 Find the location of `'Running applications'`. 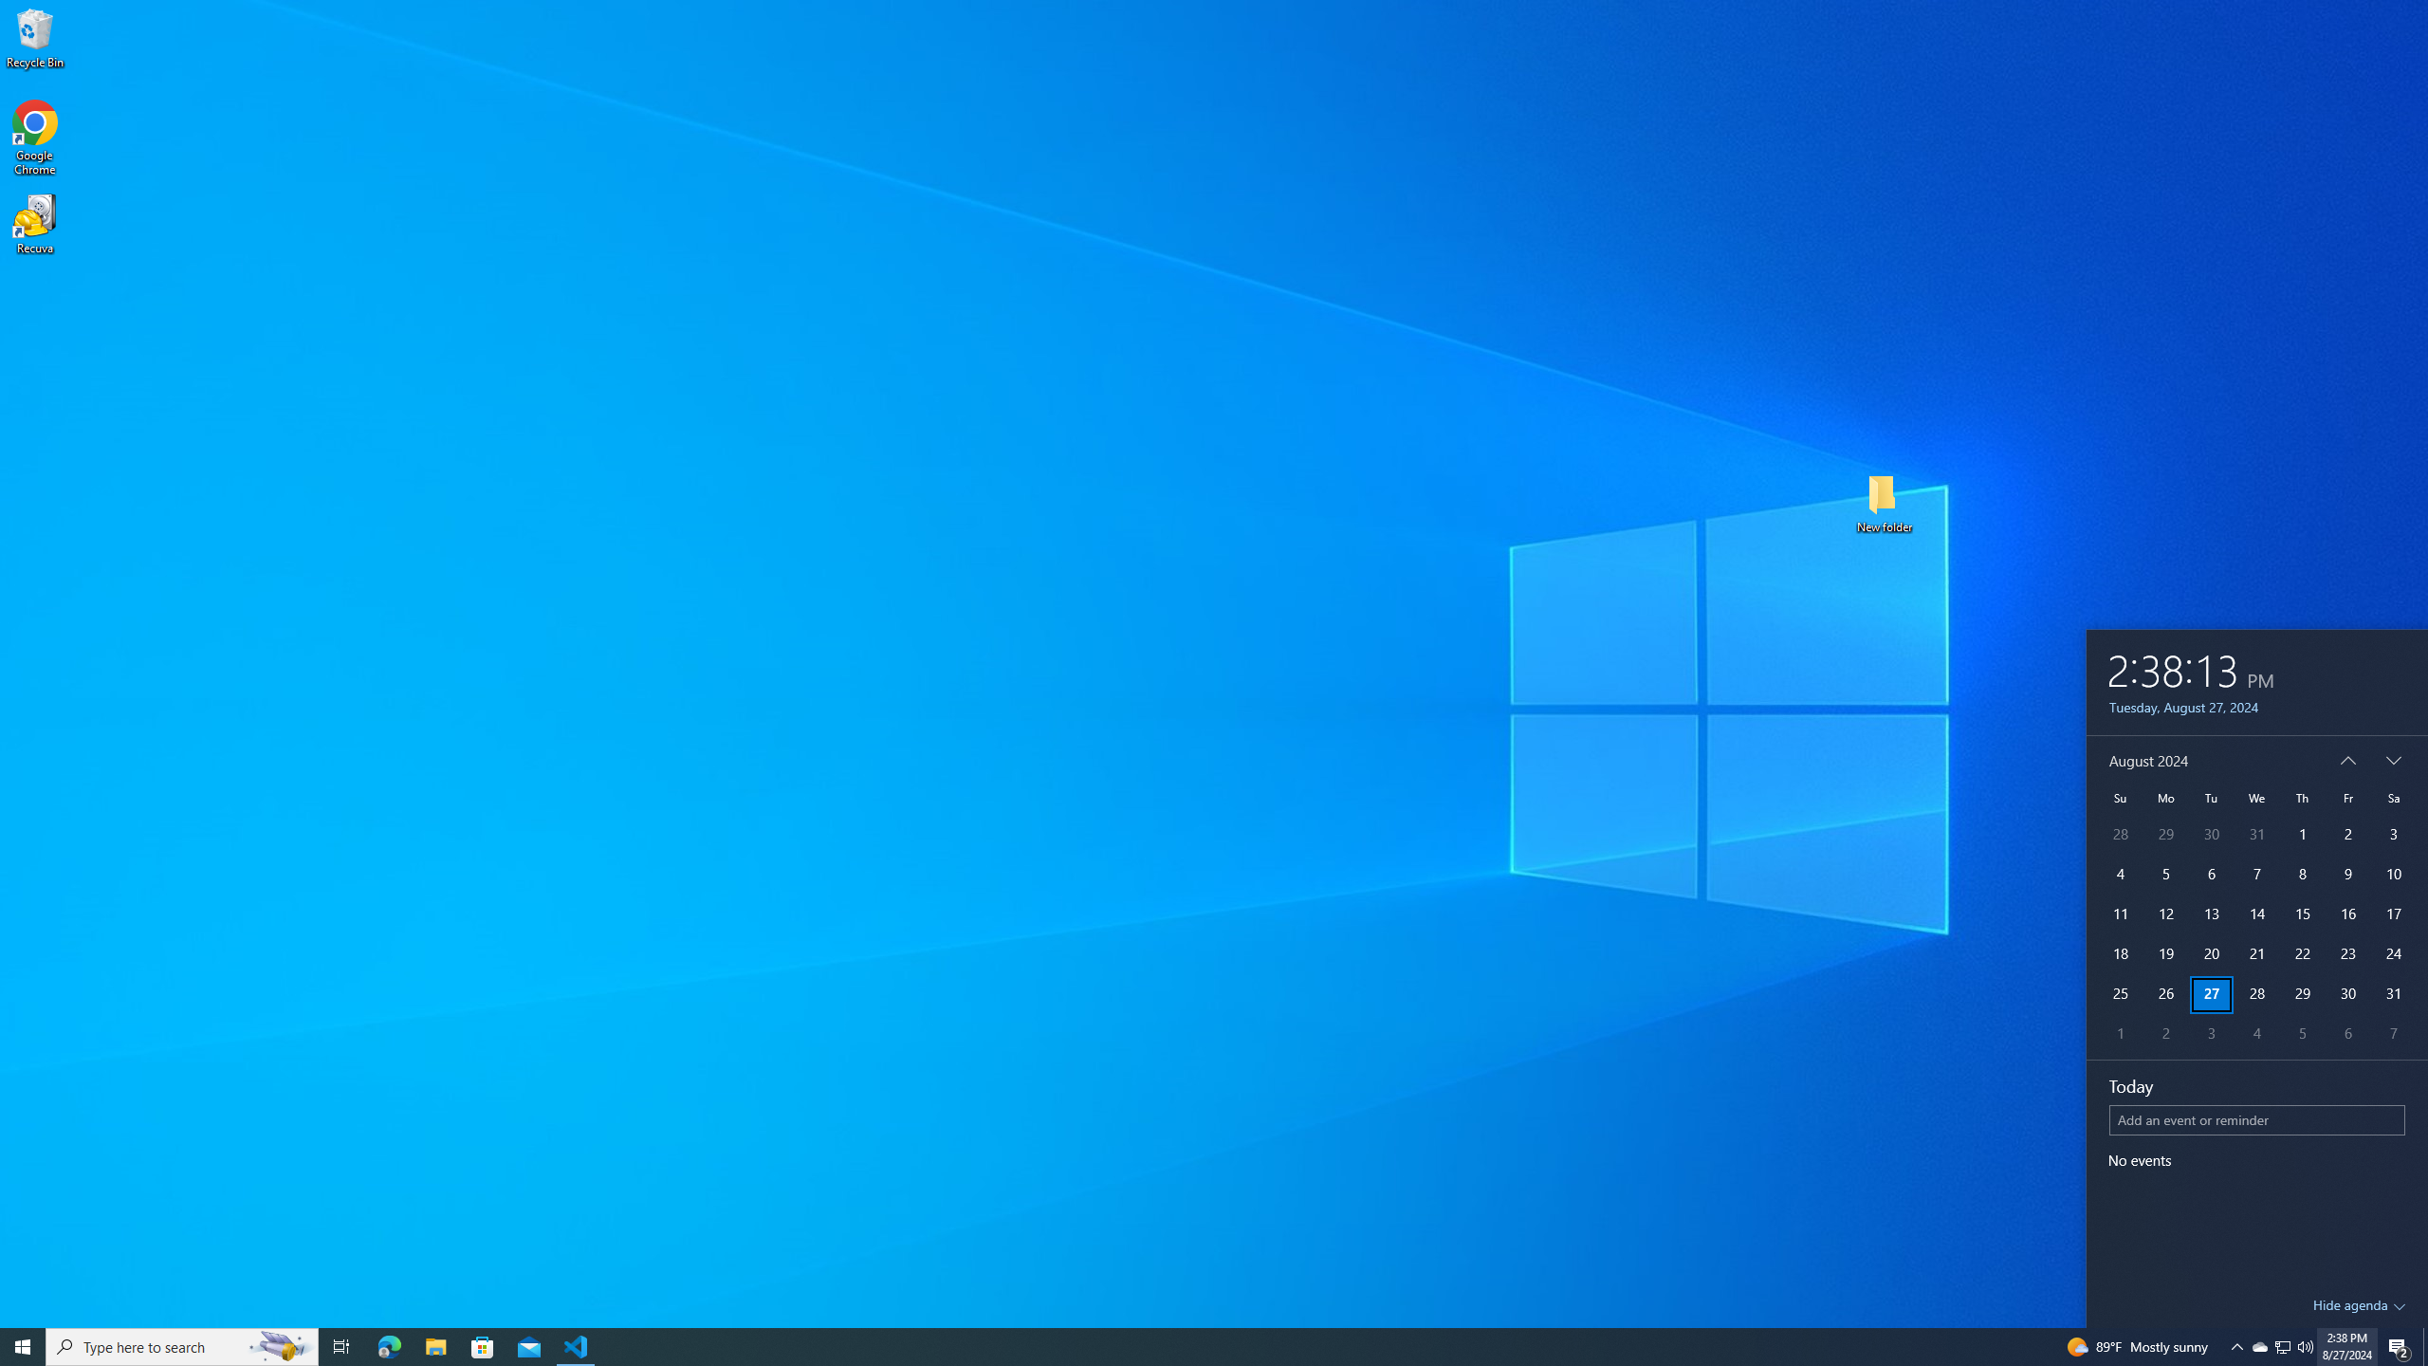

'Running applications' is located at coordinates (1196, 1345).